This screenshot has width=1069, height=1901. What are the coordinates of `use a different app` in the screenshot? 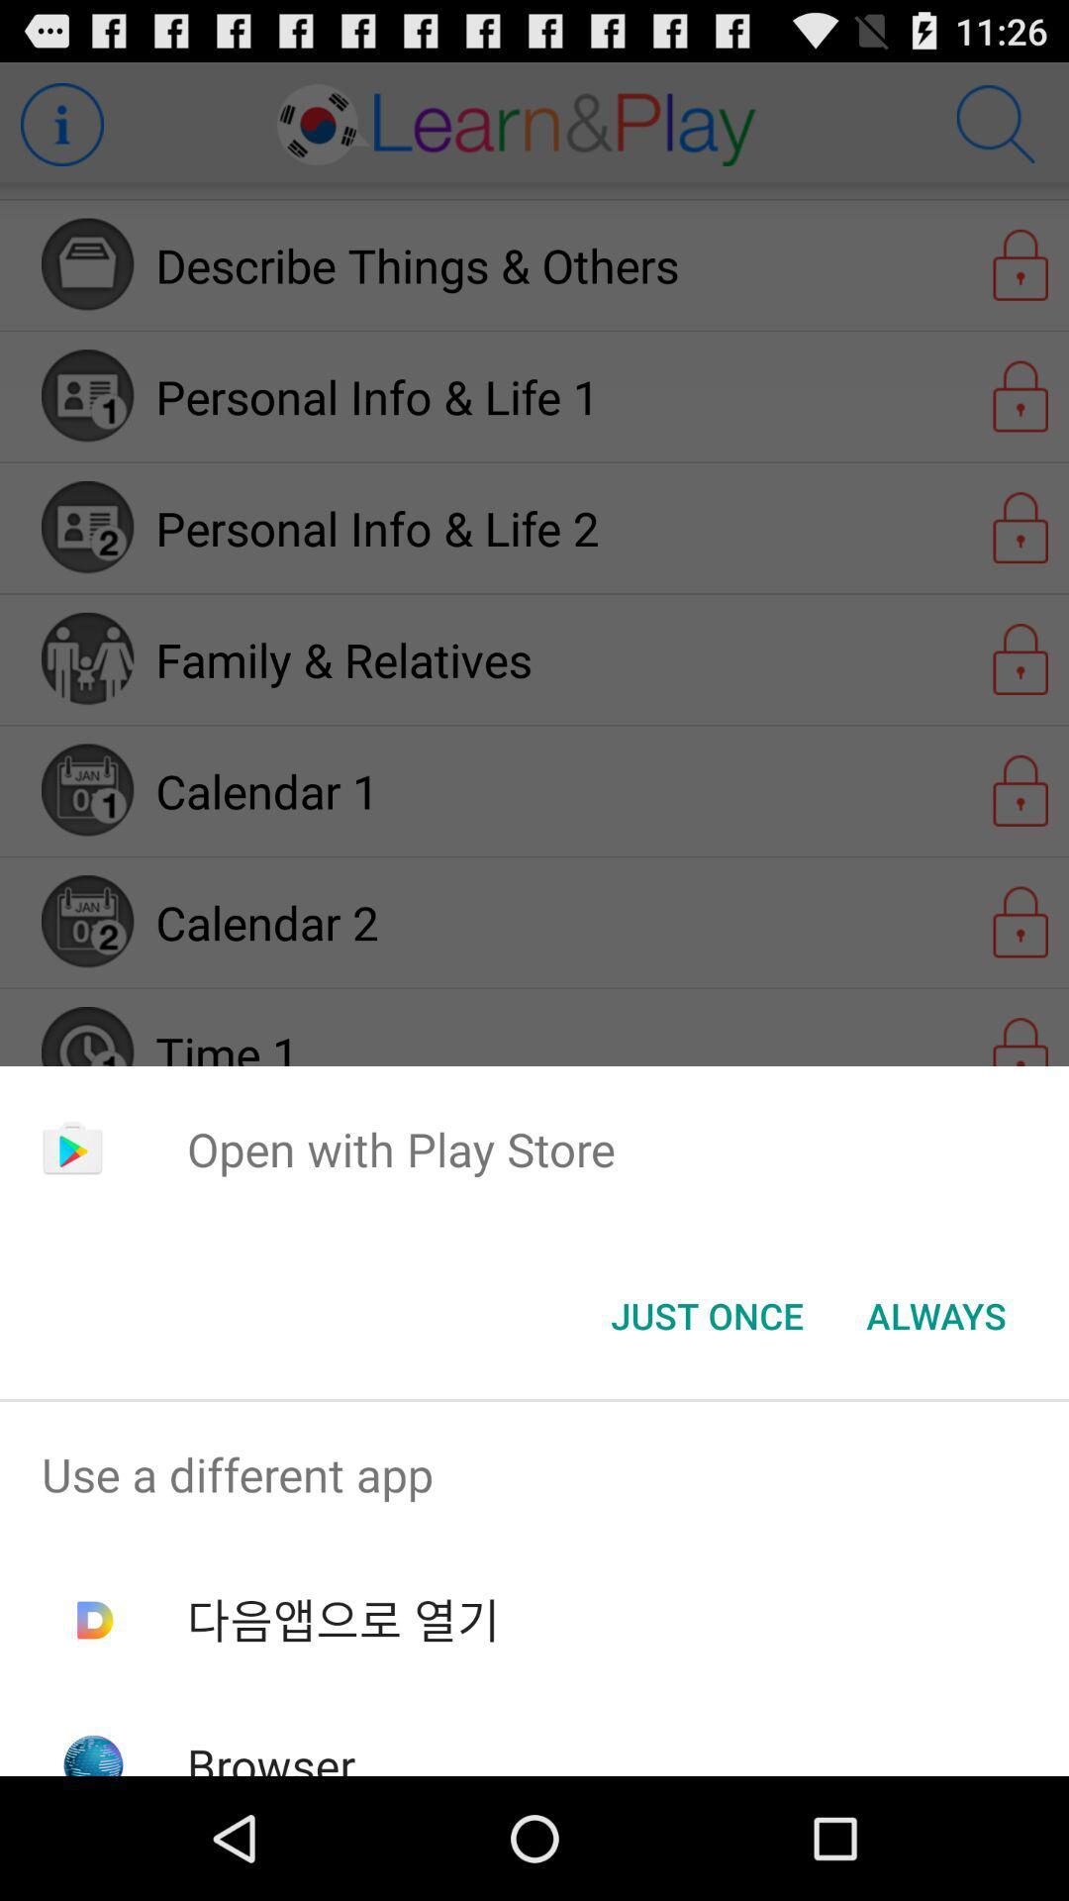 It's located at (534, 1474).